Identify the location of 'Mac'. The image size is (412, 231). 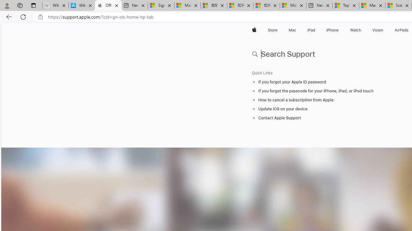
(292, 30).